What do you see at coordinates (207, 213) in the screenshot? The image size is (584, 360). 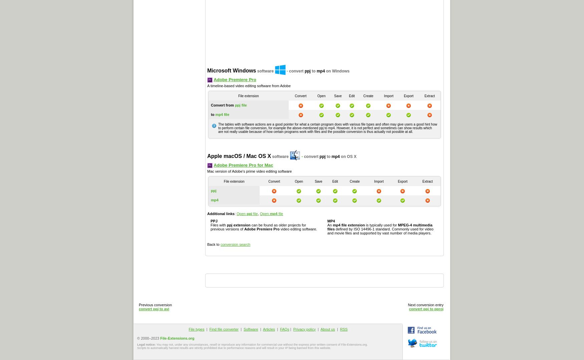 I see `'Additional links'` at bounding box center [207, 213].